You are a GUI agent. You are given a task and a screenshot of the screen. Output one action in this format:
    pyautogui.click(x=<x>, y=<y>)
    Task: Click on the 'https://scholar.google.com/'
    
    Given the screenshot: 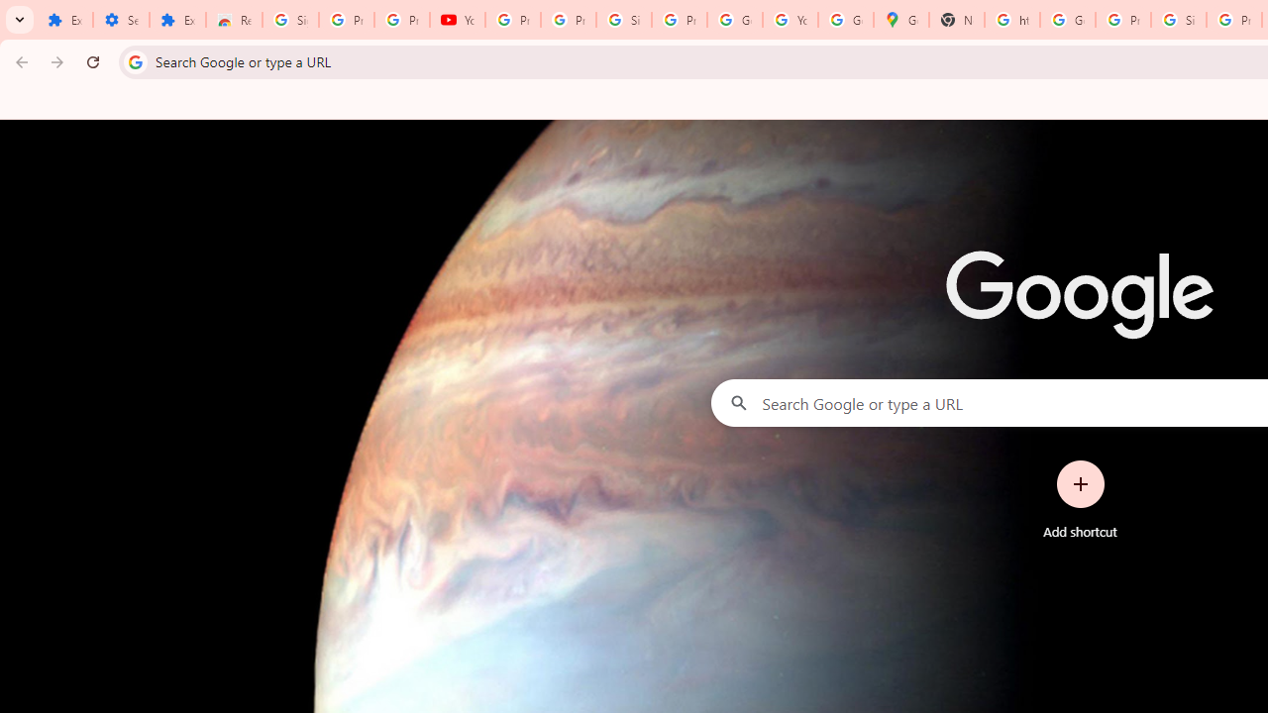 What is the action you would take?
    pyautogui.click(x=1012, y=20)
    